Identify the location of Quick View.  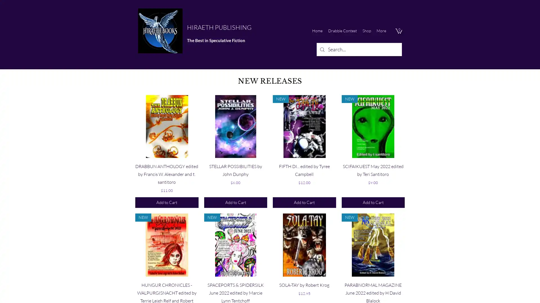
(235, 164).